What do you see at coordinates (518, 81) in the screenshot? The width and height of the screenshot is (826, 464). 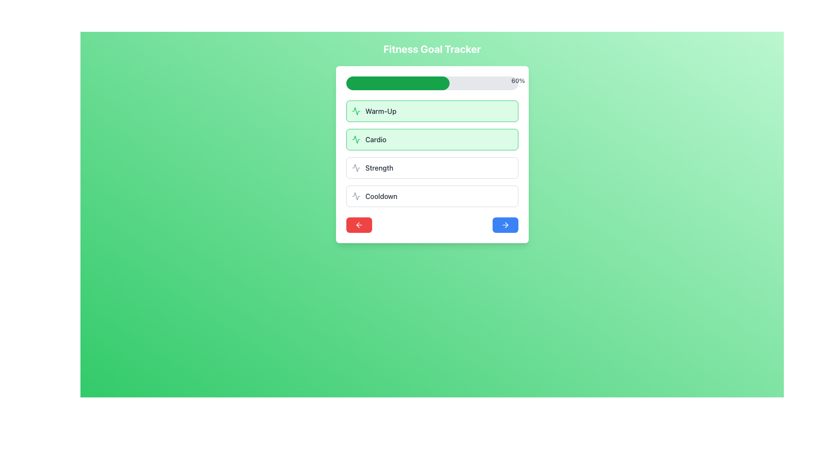 I see `the text label displaying '60%' which is centered above the green progress bar to read the percentage value` at bounding box center [518, 81].